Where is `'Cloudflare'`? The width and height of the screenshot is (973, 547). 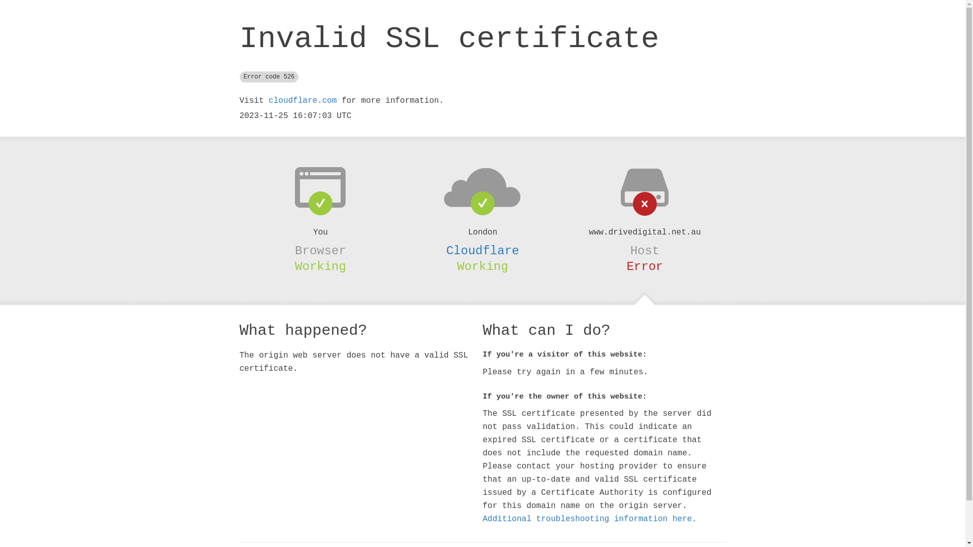
'Cloudflare' is located at coordinates (481, 251).